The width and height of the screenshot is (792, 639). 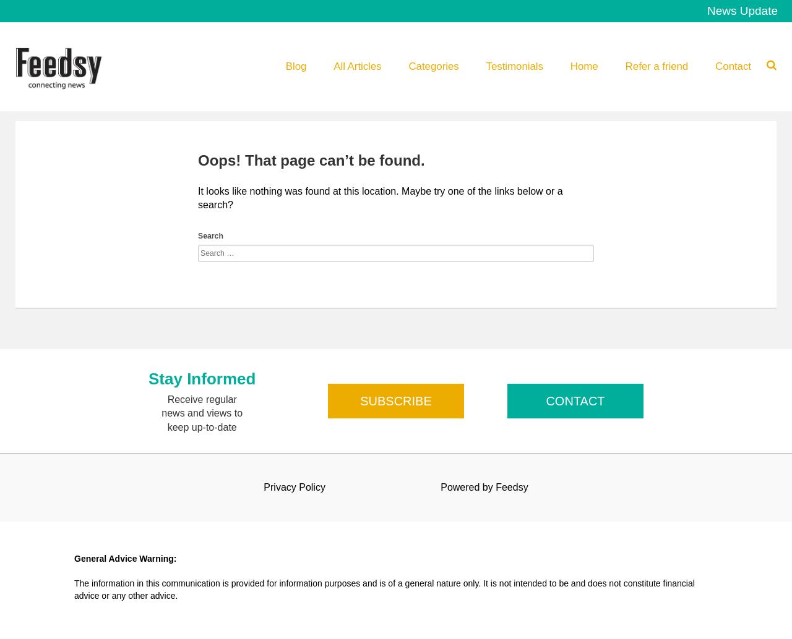 What do you see at coordinates (655, 66) in the screenshot?
I see `'Refer a friend'` at bounding box center [655, 66].